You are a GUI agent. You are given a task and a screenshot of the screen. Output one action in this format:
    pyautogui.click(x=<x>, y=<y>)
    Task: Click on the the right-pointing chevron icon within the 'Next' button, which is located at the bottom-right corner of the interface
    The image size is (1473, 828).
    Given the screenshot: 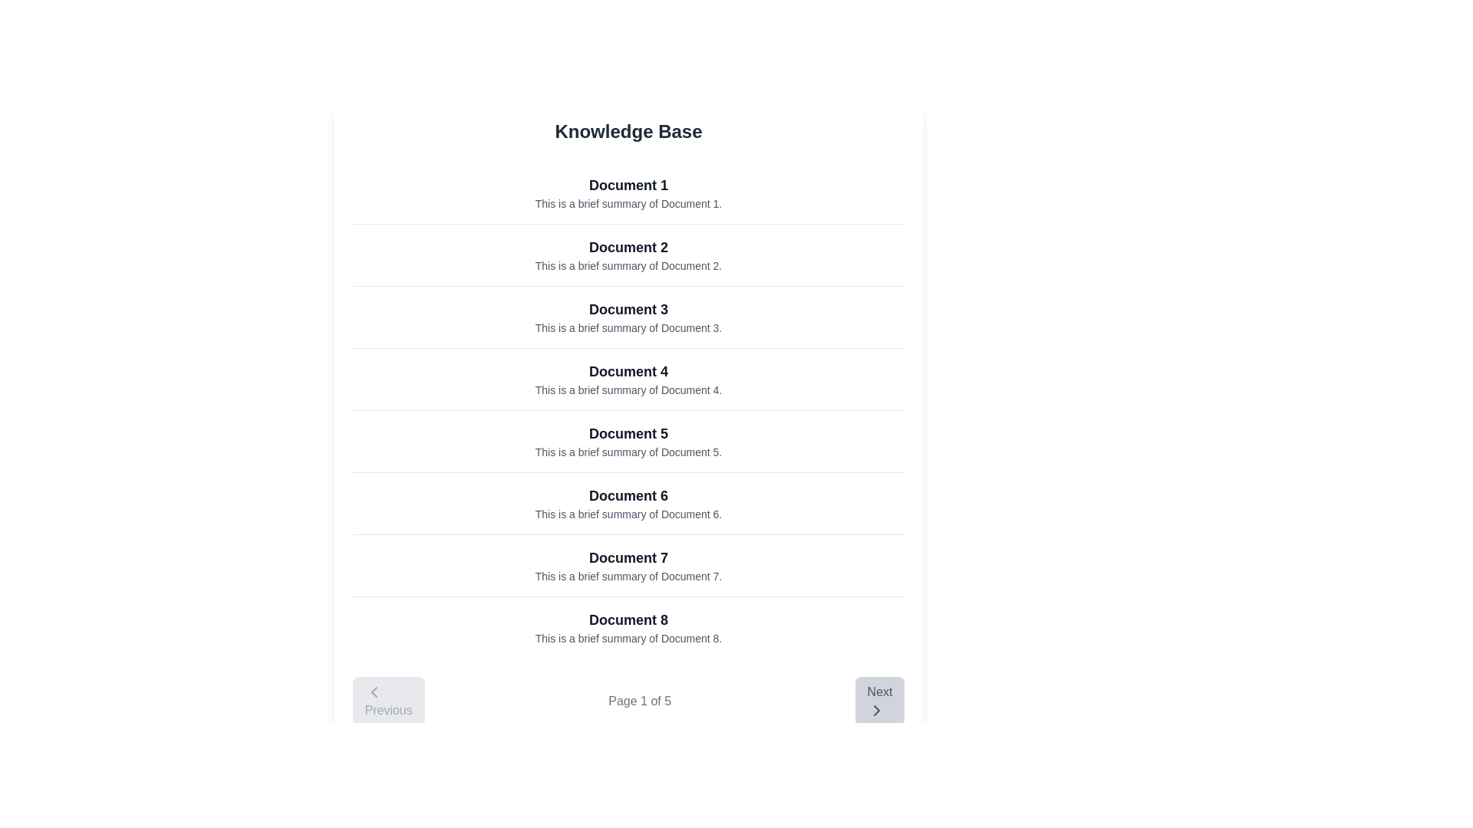 What is the action you would take?
    pyautogui.click(x=876, y=710)
    